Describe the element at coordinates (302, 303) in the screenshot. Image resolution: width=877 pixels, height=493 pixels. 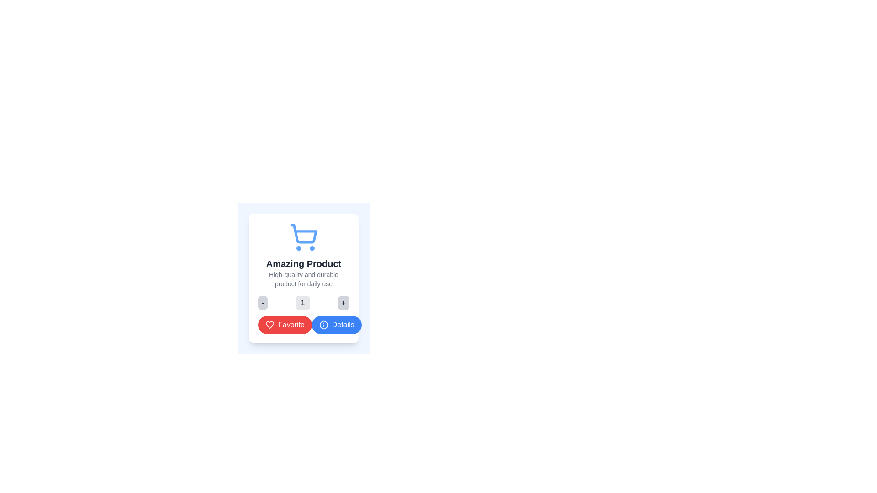
I see `the static numeric display element, which is the second in a sequence and located between a '-' symbol and a '+' symbol, below product information text` at that location.